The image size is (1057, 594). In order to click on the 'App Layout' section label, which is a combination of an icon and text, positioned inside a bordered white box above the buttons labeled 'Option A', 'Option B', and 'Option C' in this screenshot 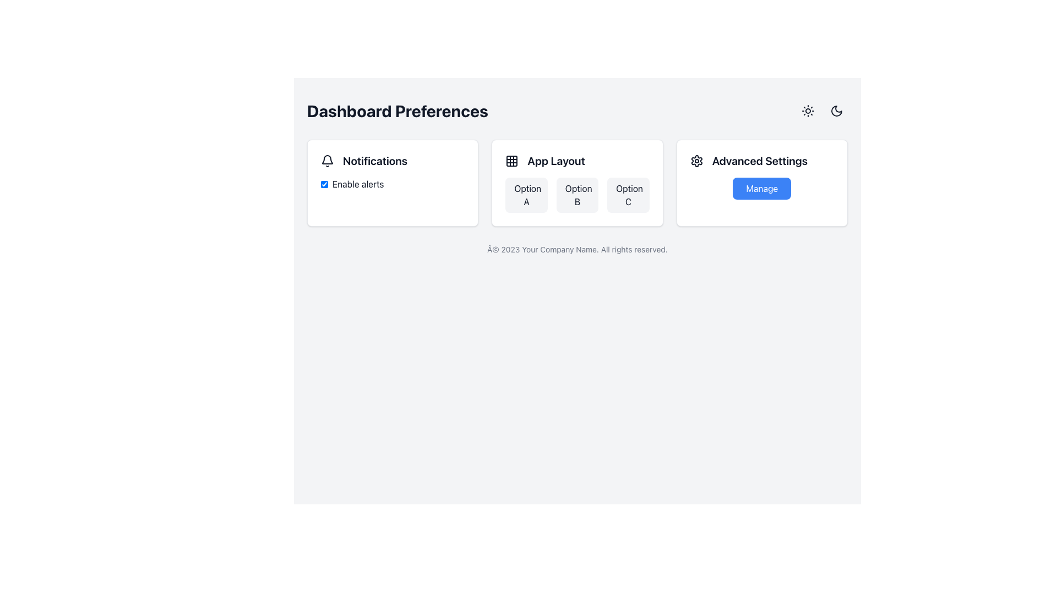, I will do `click(576, 161)`.